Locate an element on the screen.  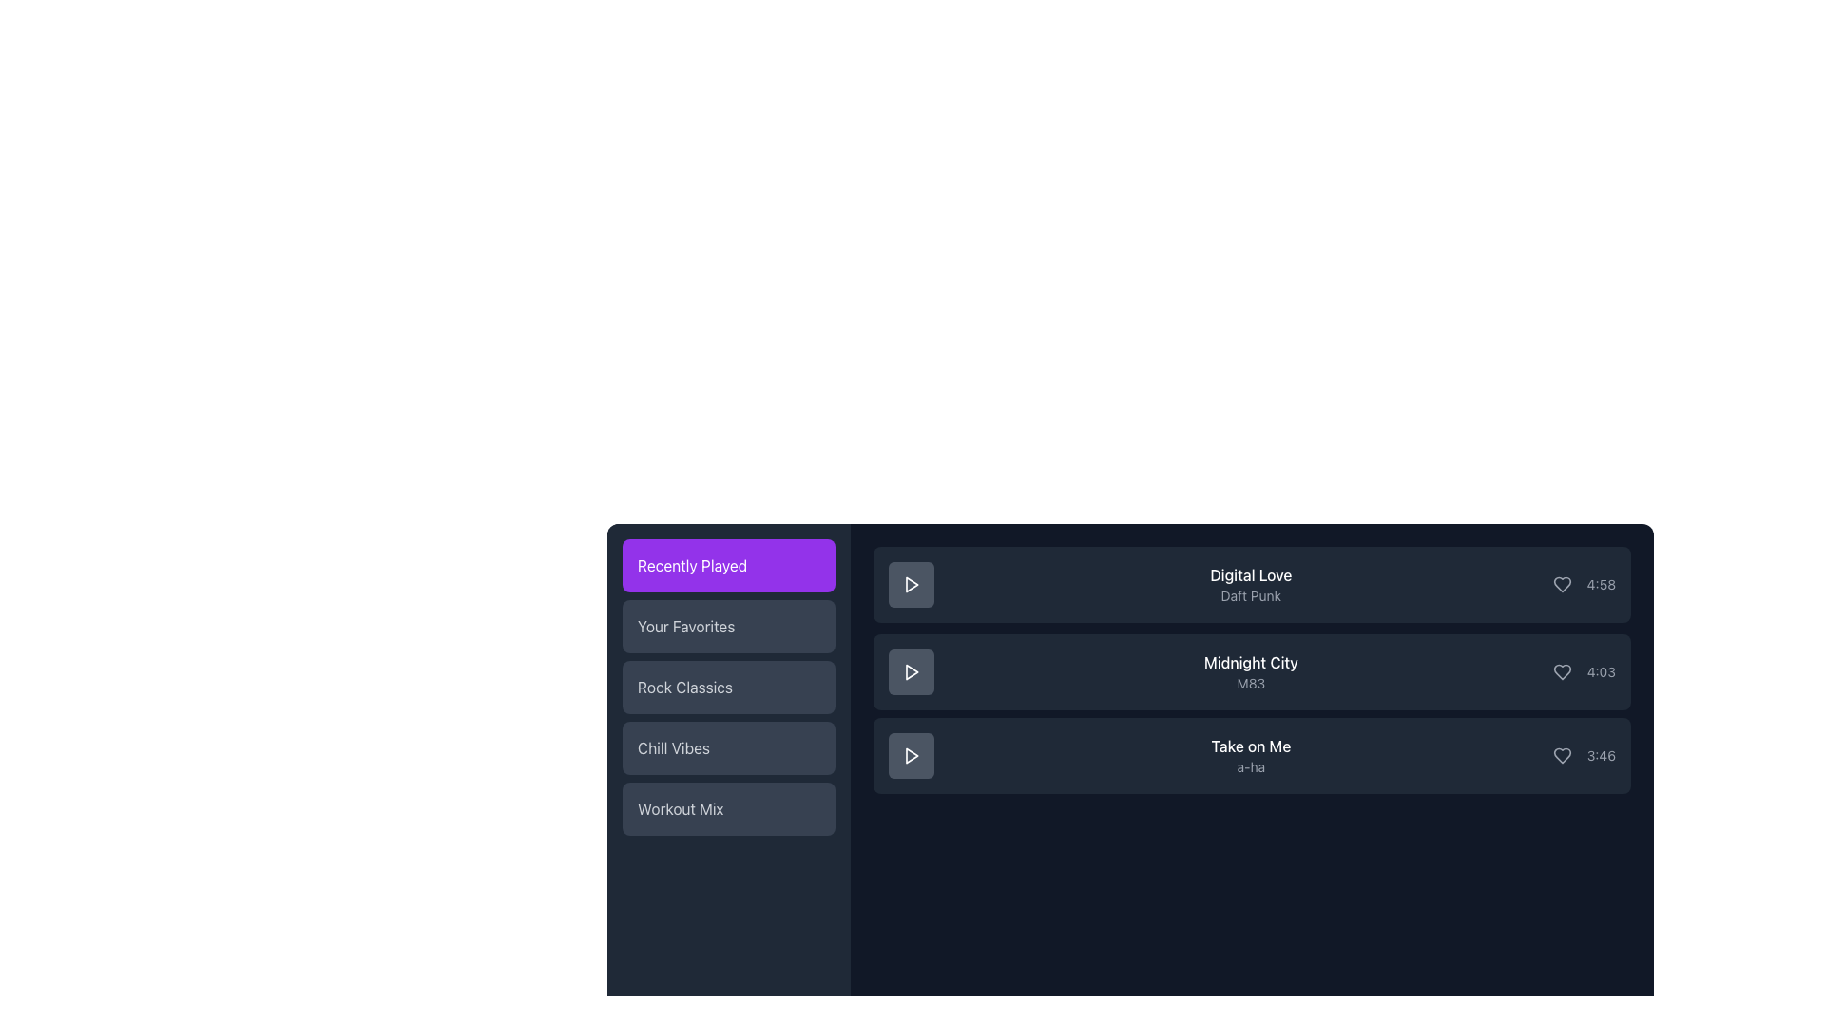
the playback button located to the left of the text 'Digital Love' in the first row of the song list is located at coordinates (911, 583).